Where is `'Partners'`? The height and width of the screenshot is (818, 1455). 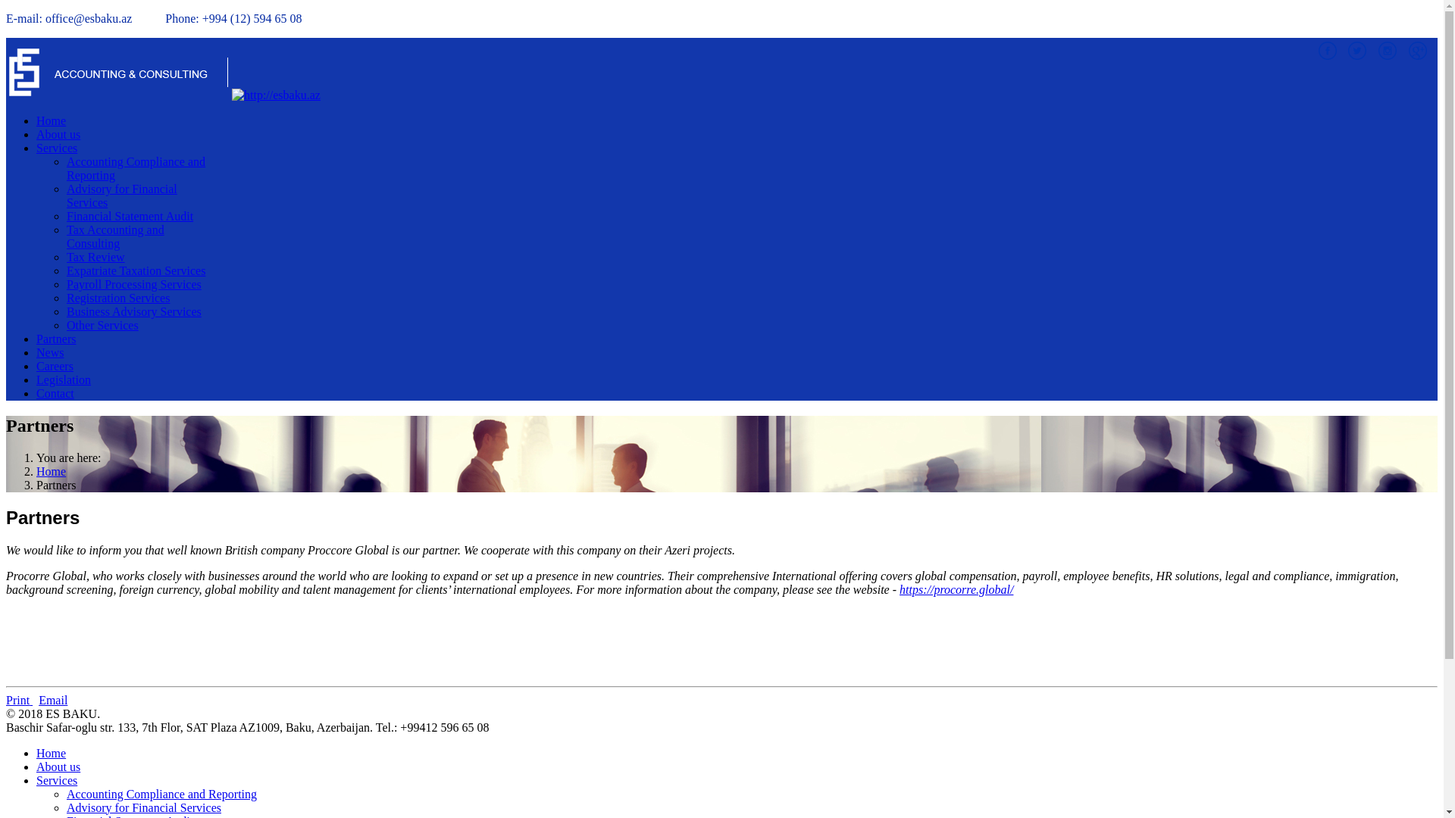
'Partners' is located at coordinates (55, 338).